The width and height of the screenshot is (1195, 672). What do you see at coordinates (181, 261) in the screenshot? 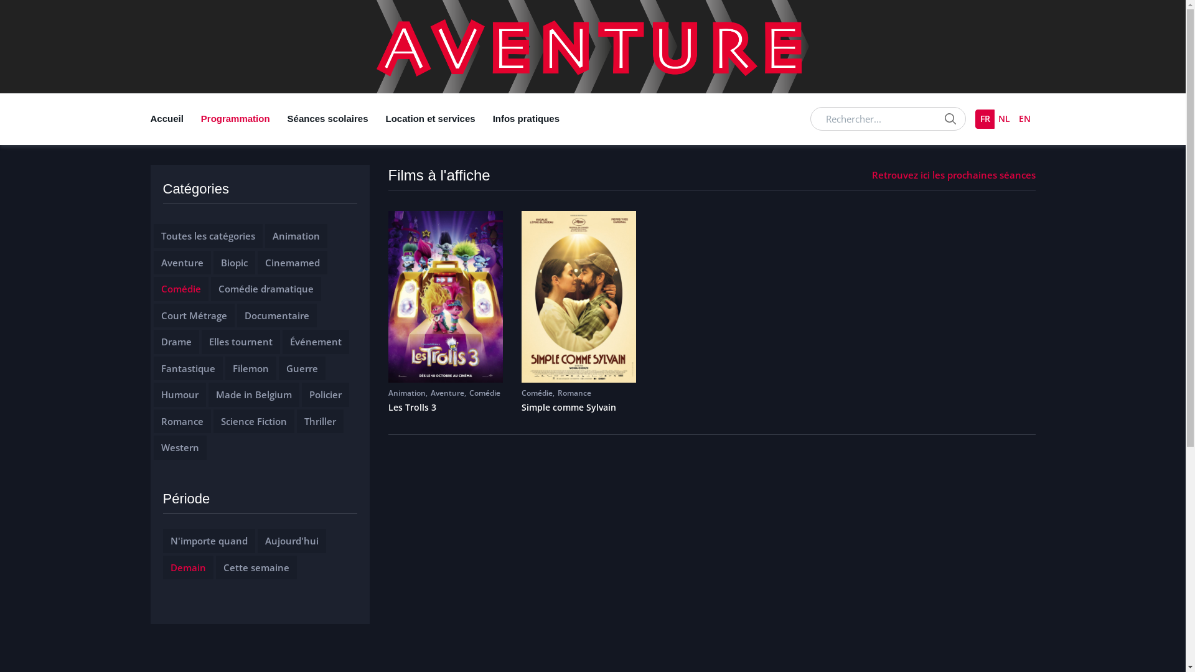
I see `'Aventure'` at bounding box center [181, 261].